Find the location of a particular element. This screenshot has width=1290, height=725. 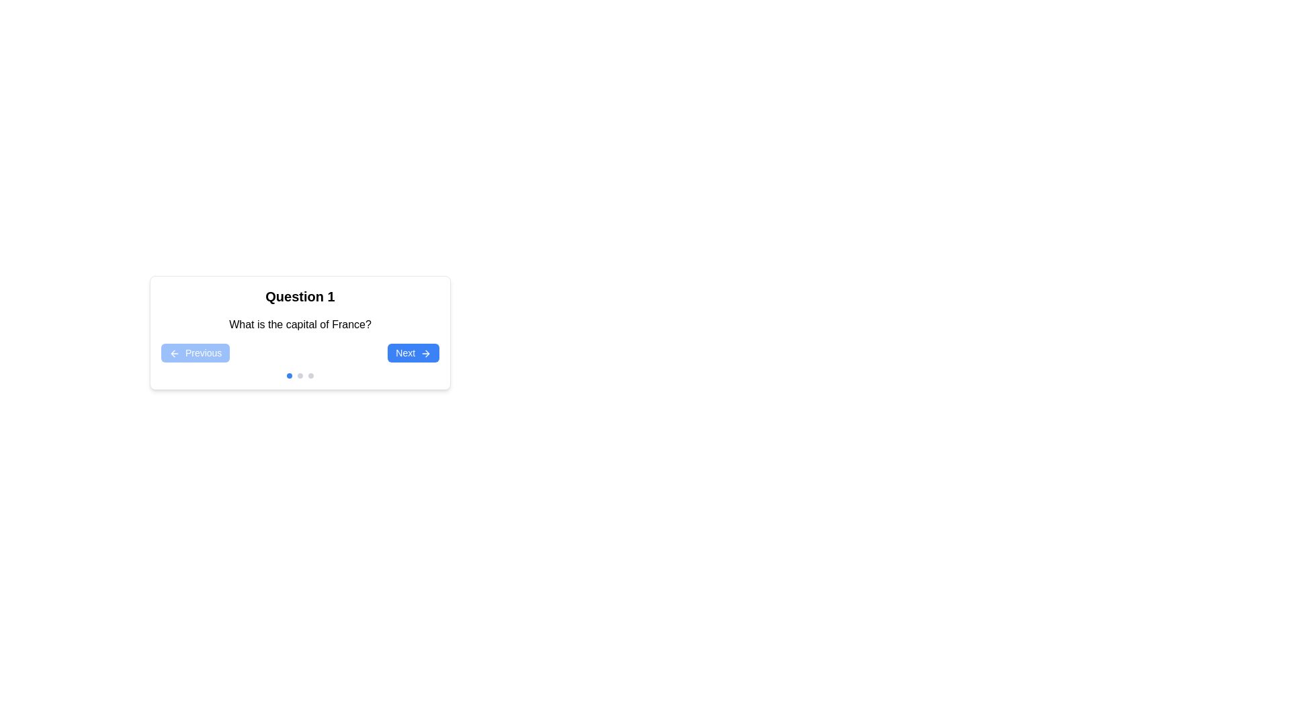

the 'Previous' button which contains a leftward pointing icon as a visual indicator for navigation is located at coordinates (172, 353).